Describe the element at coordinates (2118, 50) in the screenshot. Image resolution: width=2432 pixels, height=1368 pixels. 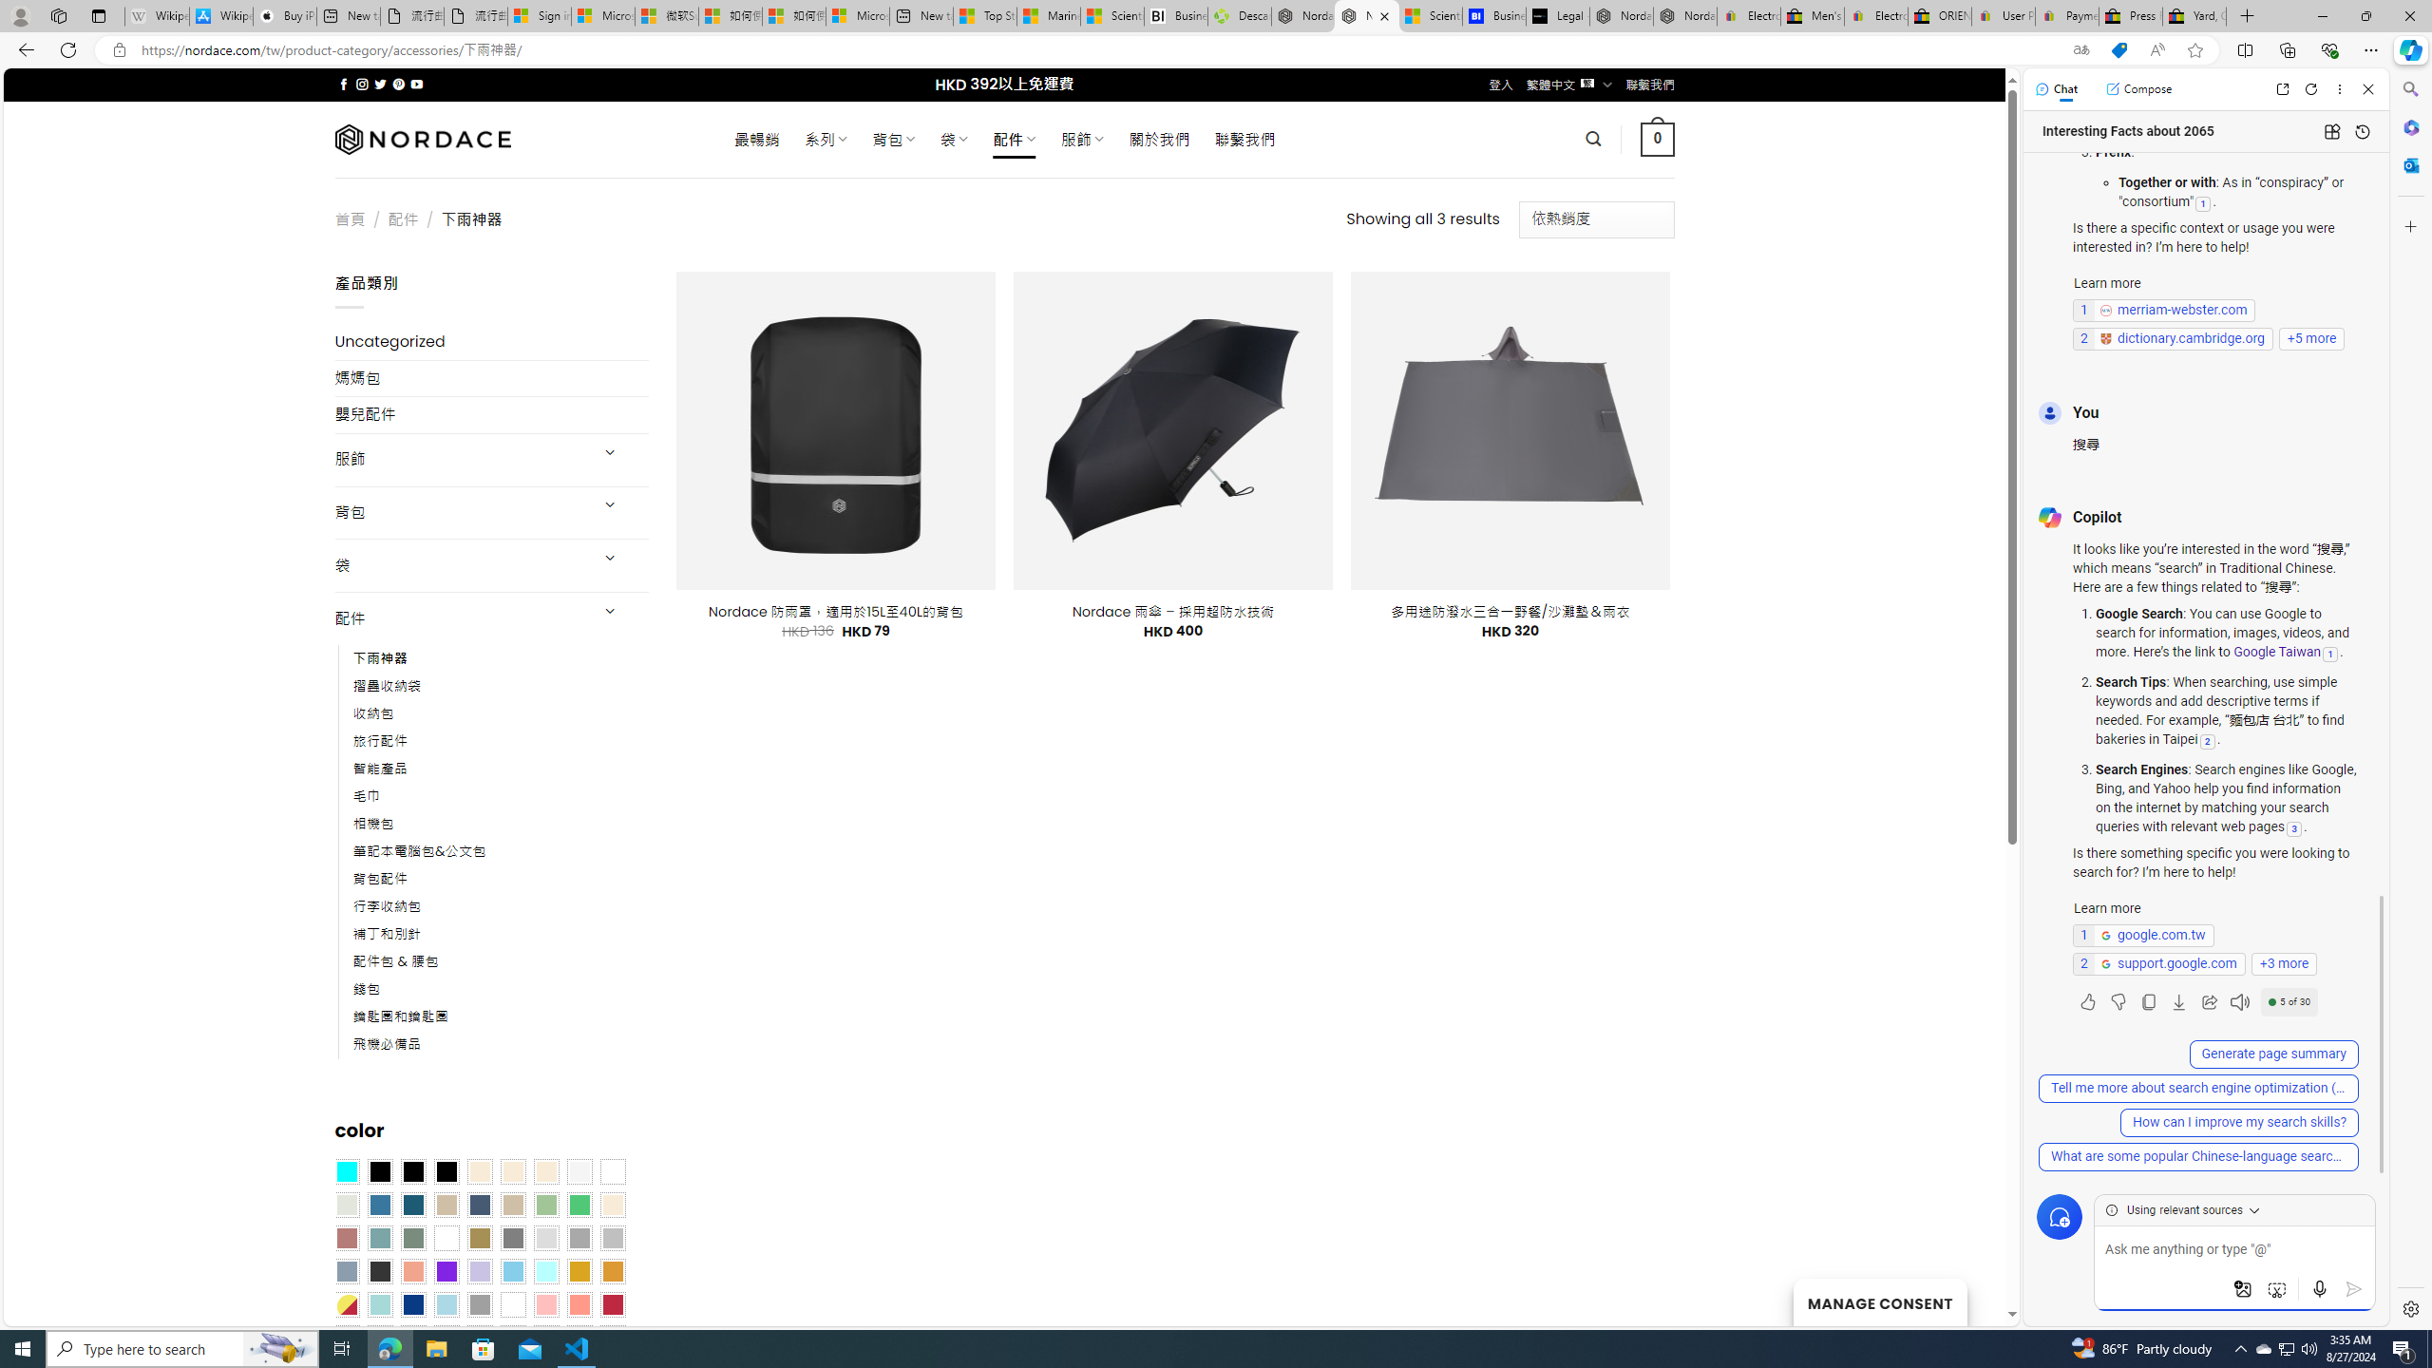
I see `'This site has coupons! Shopping in Microsoft Edge'` at that location.